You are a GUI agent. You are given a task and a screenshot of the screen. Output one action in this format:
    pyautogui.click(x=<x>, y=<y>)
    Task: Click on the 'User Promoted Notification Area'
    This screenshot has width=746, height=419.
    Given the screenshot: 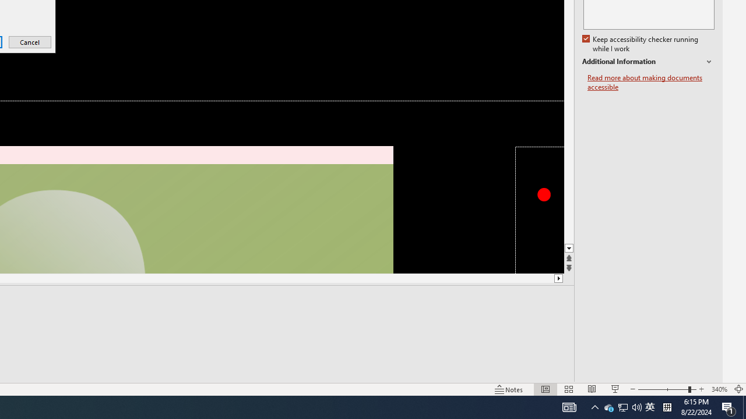 What is the action you would take?
    pyautogui.click(x=622, y=406)
    